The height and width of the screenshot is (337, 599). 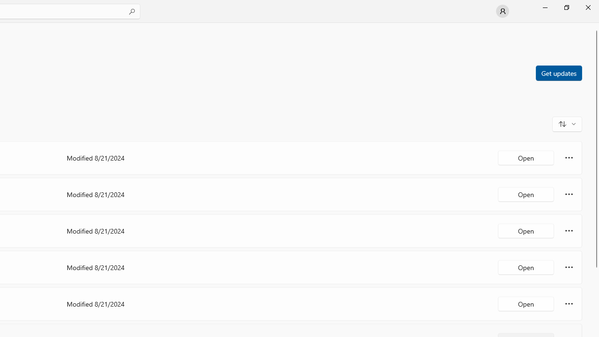 What do you see at coordinates (569, 304) in the screenshot?
I see `'More options'` at bounding box center [569, 304].